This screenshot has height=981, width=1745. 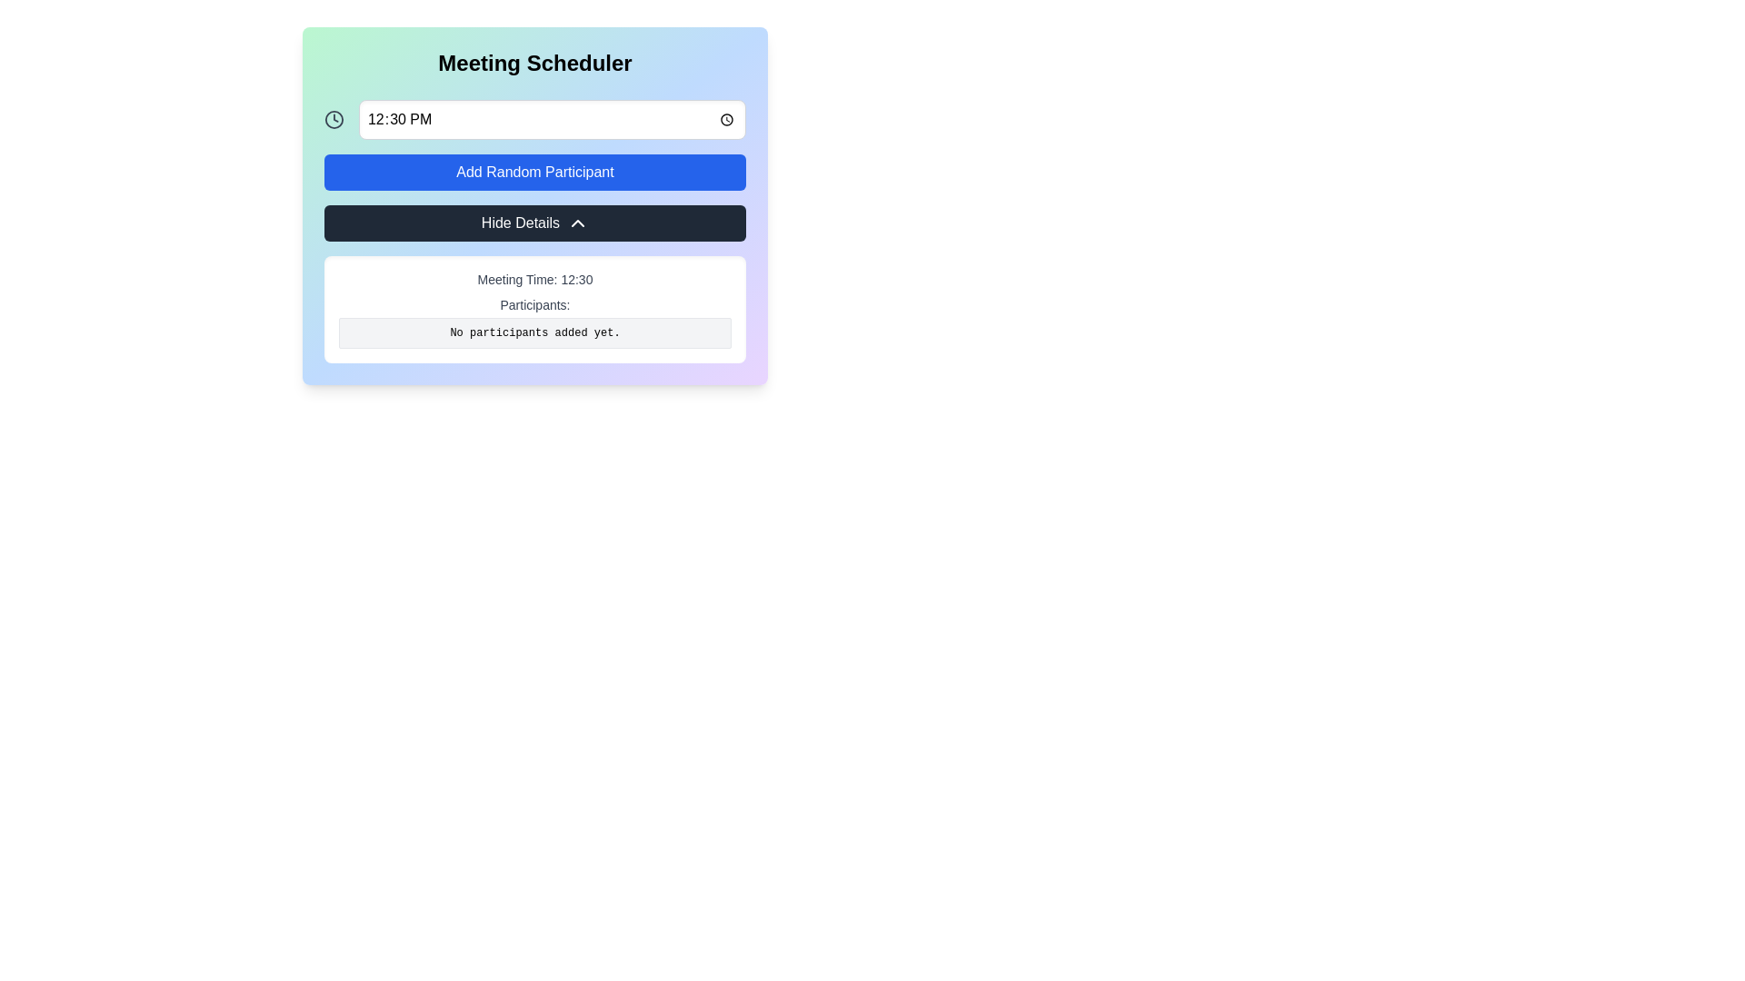 What do you see at coordinates (534, 205) in the screenshot?
I see `the 'Hide Details' button, which is the third interactive component in the central panel of the 'Meeting Scheduler' interface` at bounding box center [534, 205].